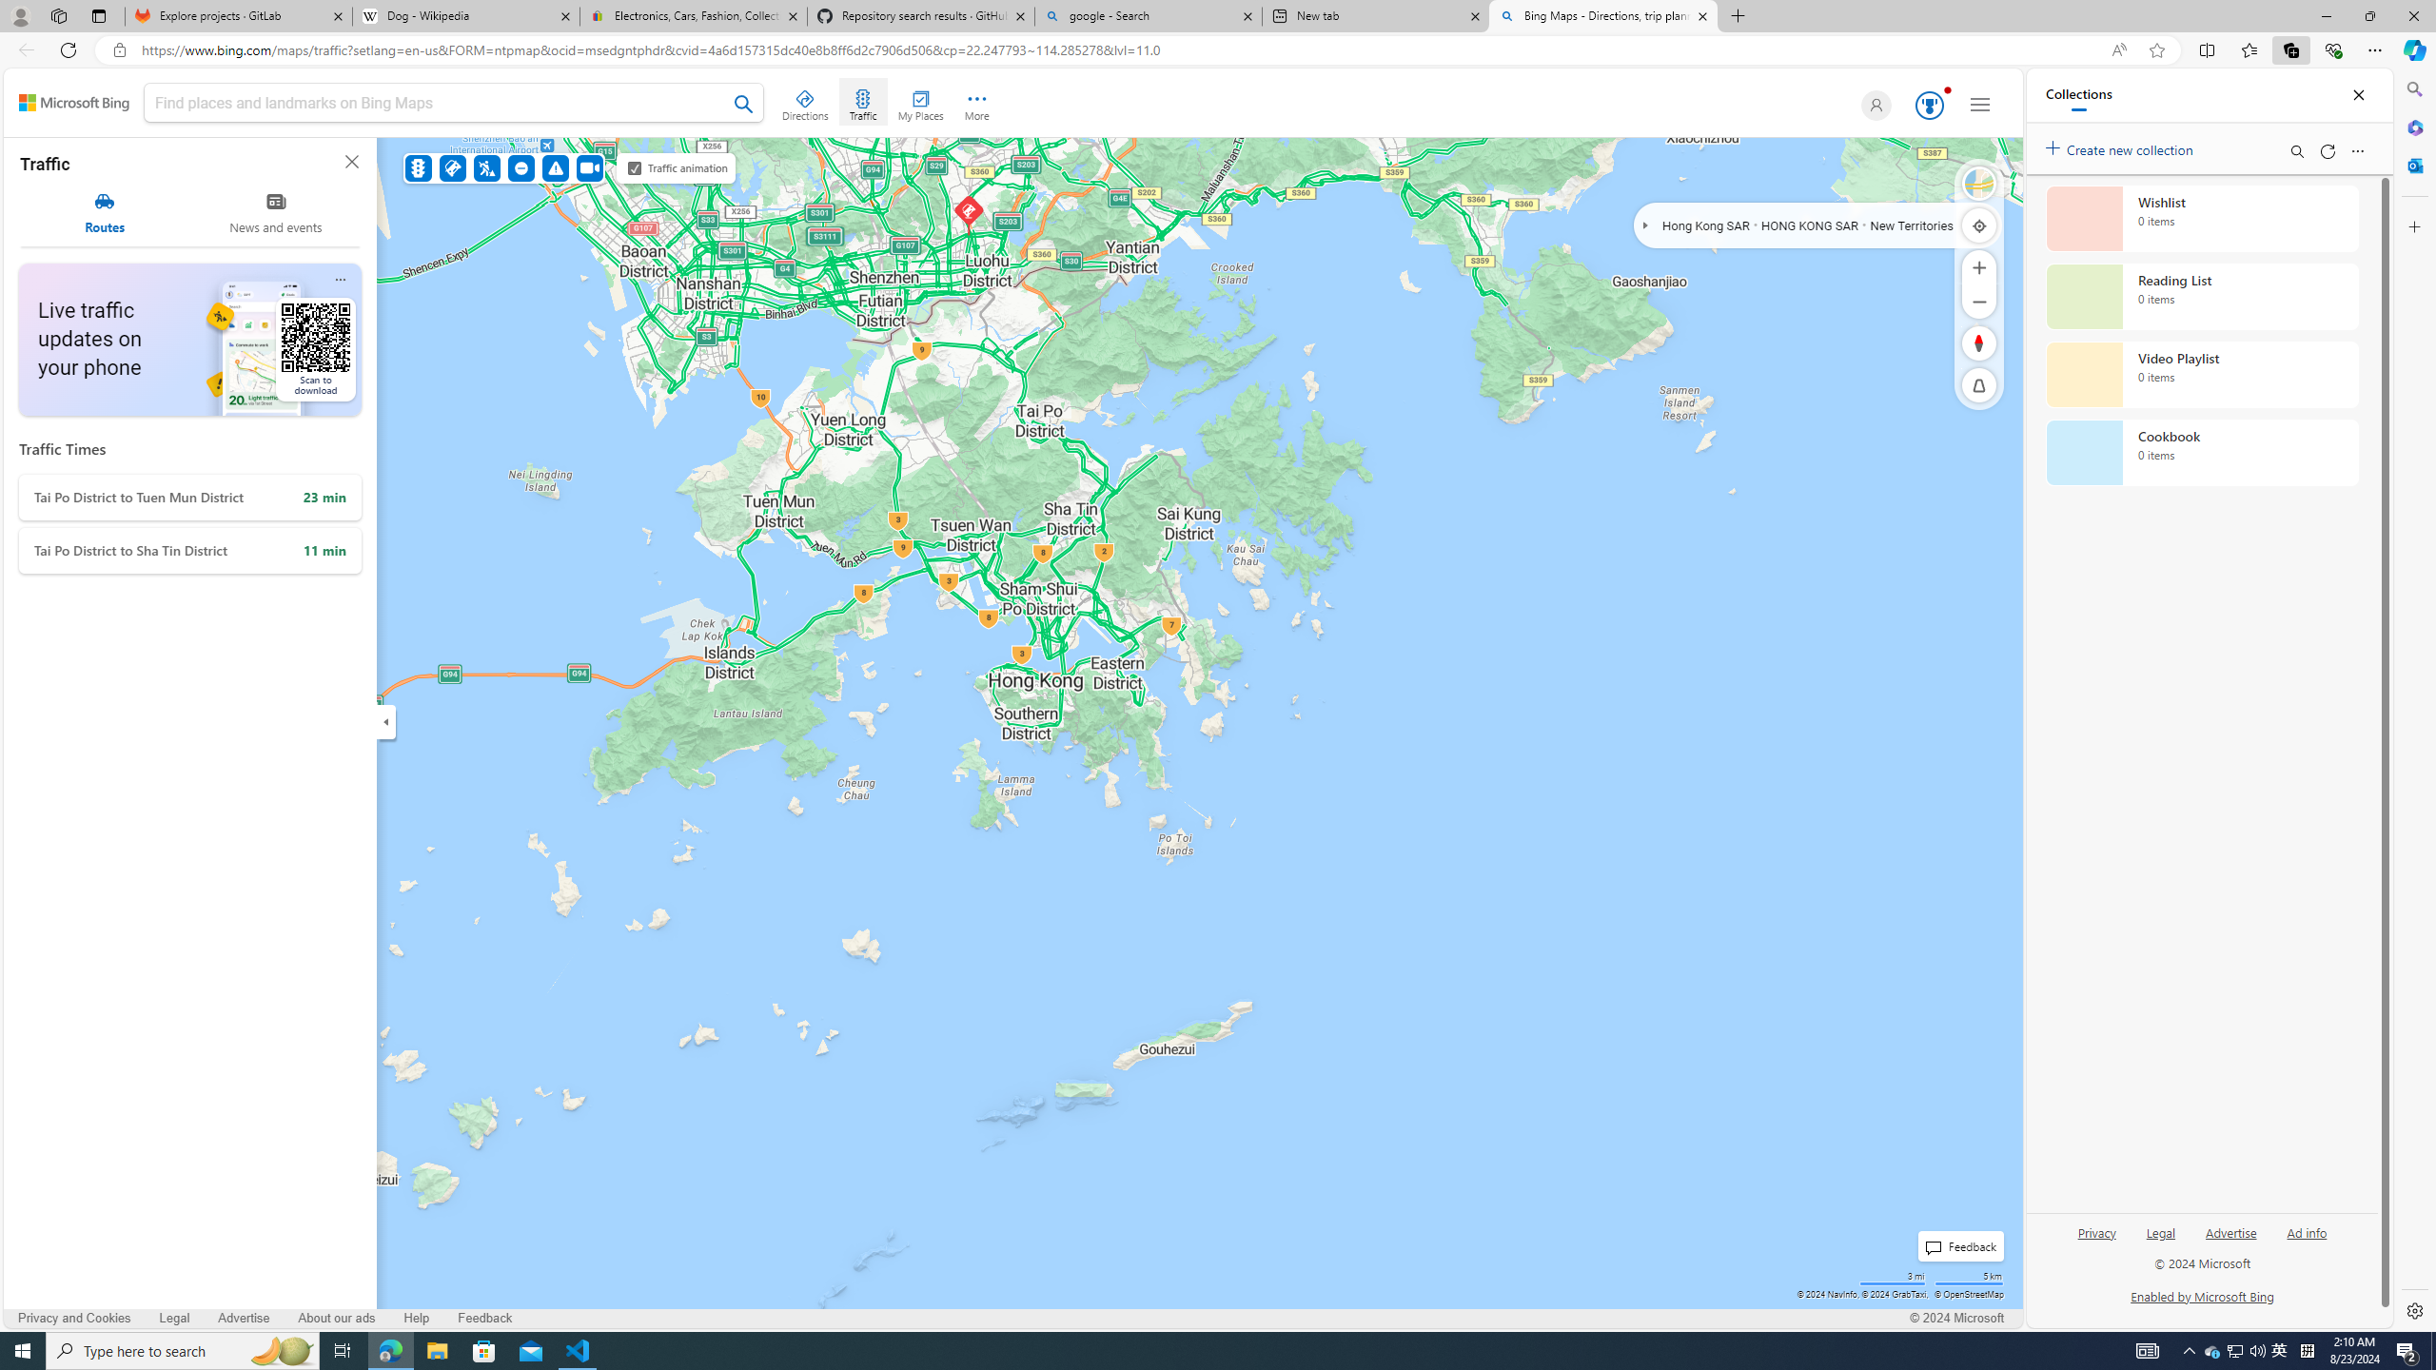  Describe the element at coordinates (1978, 302) in the screenshot. I see `'Zoom Out'` at that location.